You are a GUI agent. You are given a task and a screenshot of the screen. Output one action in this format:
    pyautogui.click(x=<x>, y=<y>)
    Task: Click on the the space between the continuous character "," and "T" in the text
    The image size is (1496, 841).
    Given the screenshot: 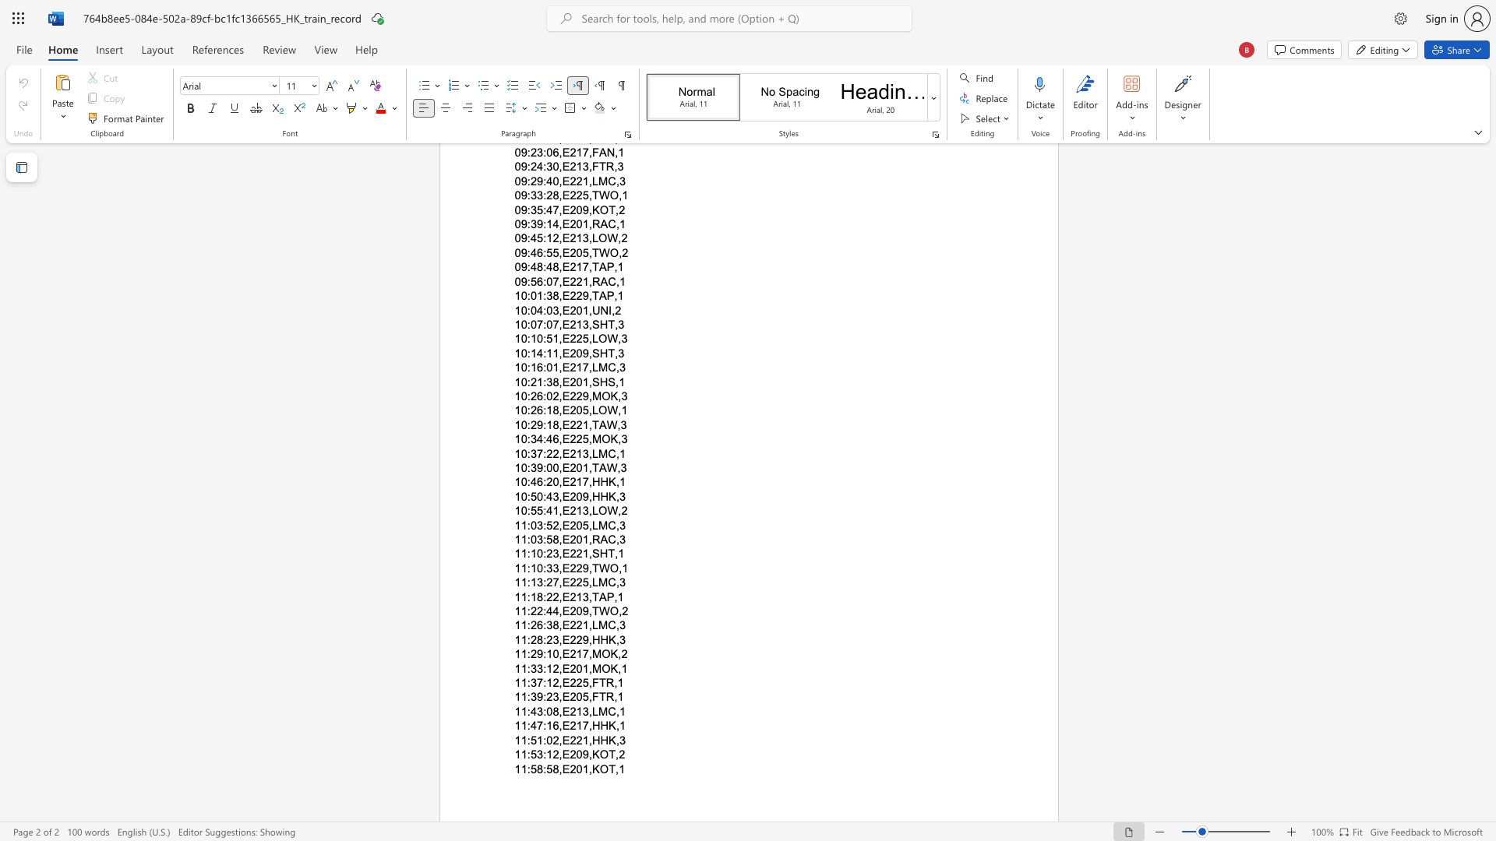 What is the action you would take?
    pyautogui.click(x=592, y=596)
    